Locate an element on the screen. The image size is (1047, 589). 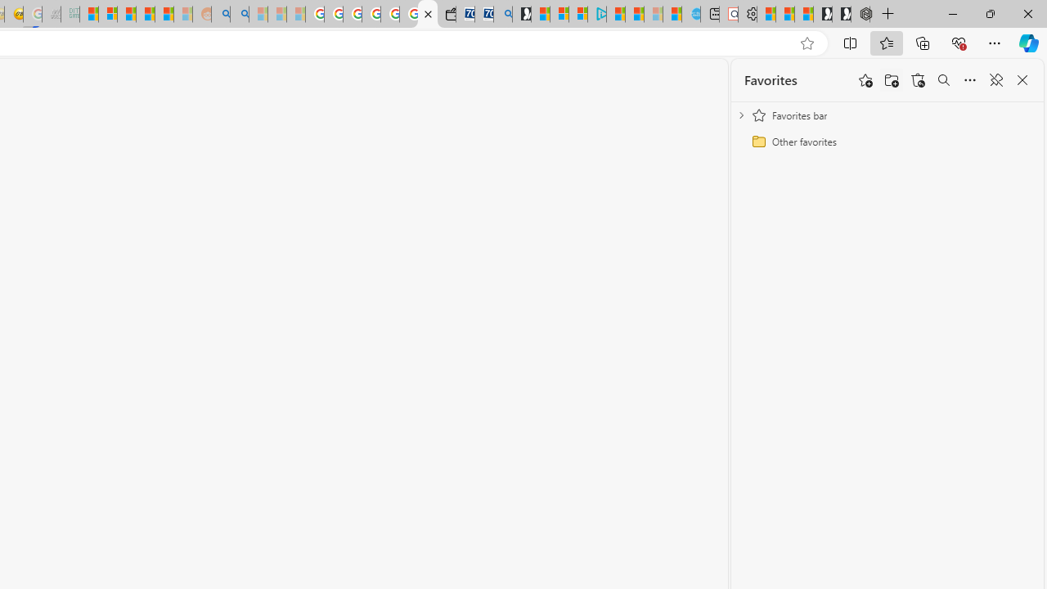
'Wallet' is located at coordinates (446, 14).